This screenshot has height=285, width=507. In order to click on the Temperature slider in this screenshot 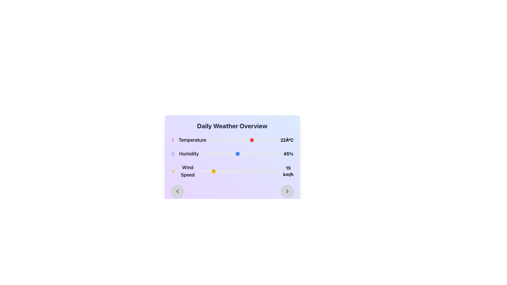, I will do `click(235, 140)`.